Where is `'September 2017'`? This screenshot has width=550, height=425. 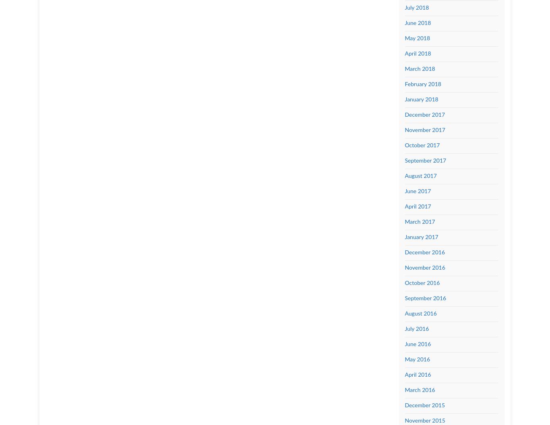
'September 2017' is located at coordinates (425, 160).